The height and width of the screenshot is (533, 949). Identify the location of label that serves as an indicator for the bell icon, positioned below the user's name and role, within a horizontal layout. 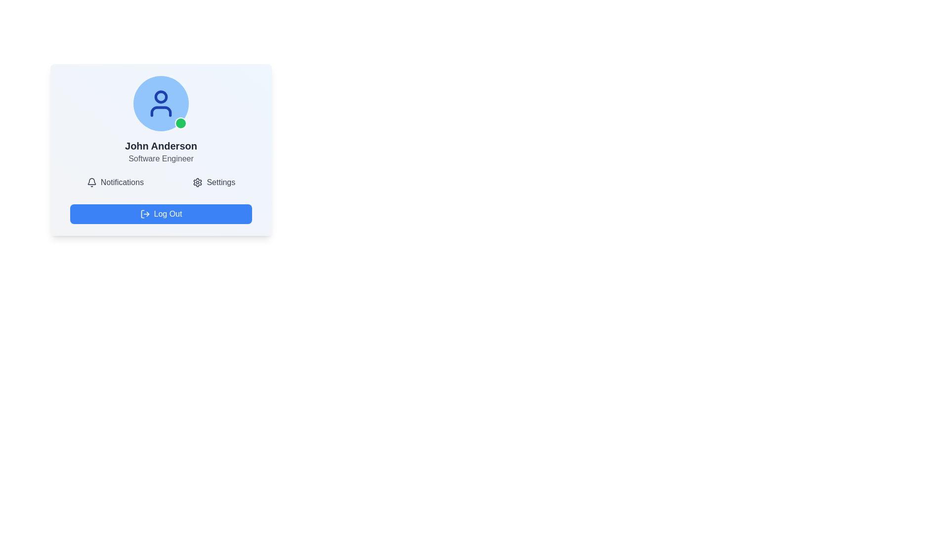
(122, 183).